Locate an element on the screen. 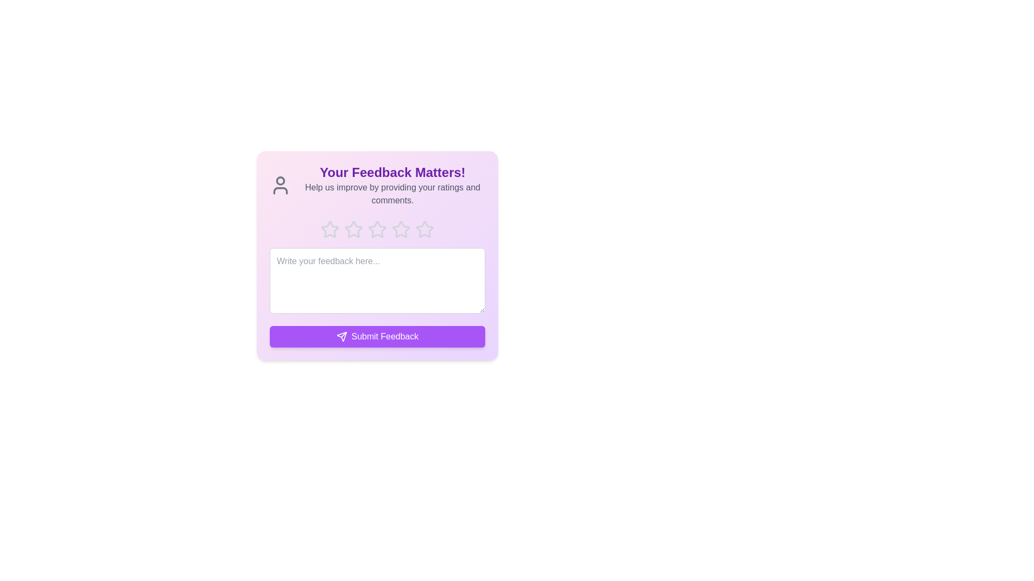 The width and height of the screenshot is (1034, 581). the star corresponding to 4 to preview the rating is located at coordinates (400, 229).